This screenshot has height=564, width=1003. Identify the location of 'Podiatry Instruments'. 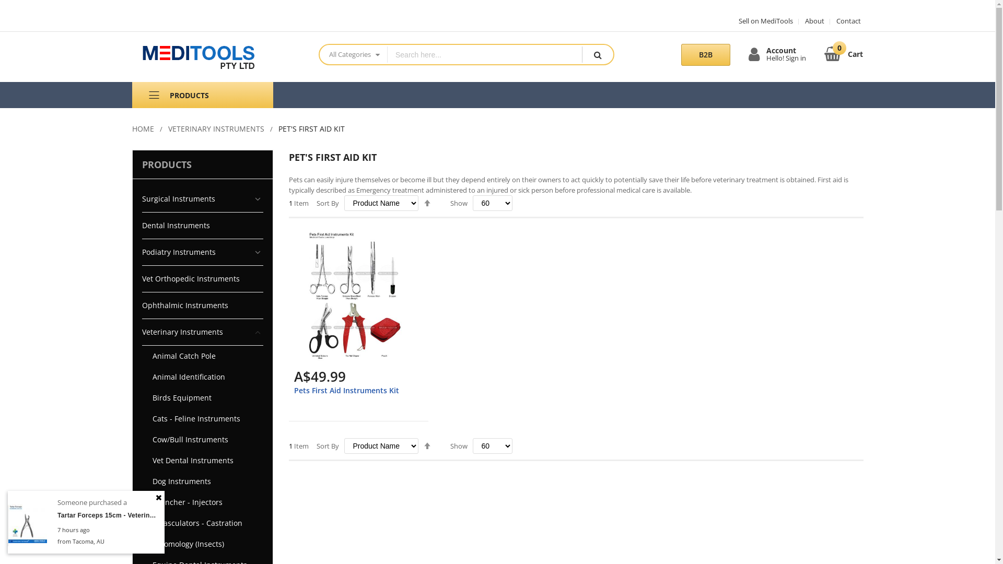
(203, 252).